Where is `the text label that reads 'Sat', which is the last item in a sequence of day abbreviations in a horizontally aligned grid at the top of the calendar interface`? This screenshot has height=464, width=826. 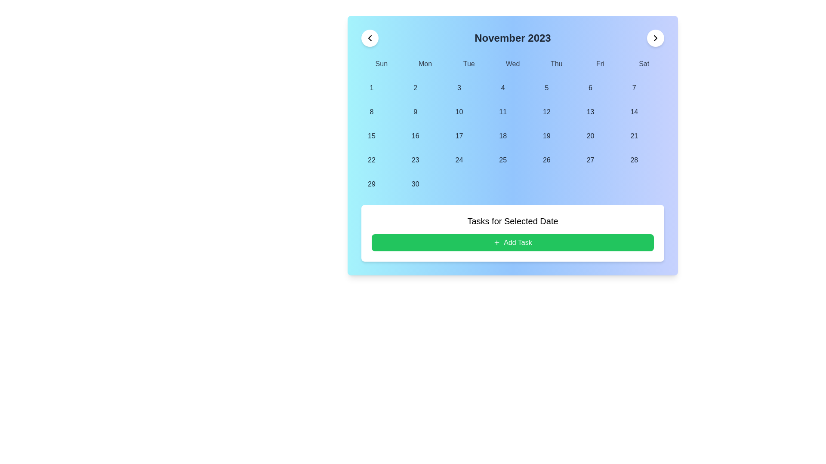 the text label that reads 'Sat', which is the last item in a sequence of day abbreviations in a horizontally aligned grid at the top of the calendar interface is located at coordinates (644, 64).